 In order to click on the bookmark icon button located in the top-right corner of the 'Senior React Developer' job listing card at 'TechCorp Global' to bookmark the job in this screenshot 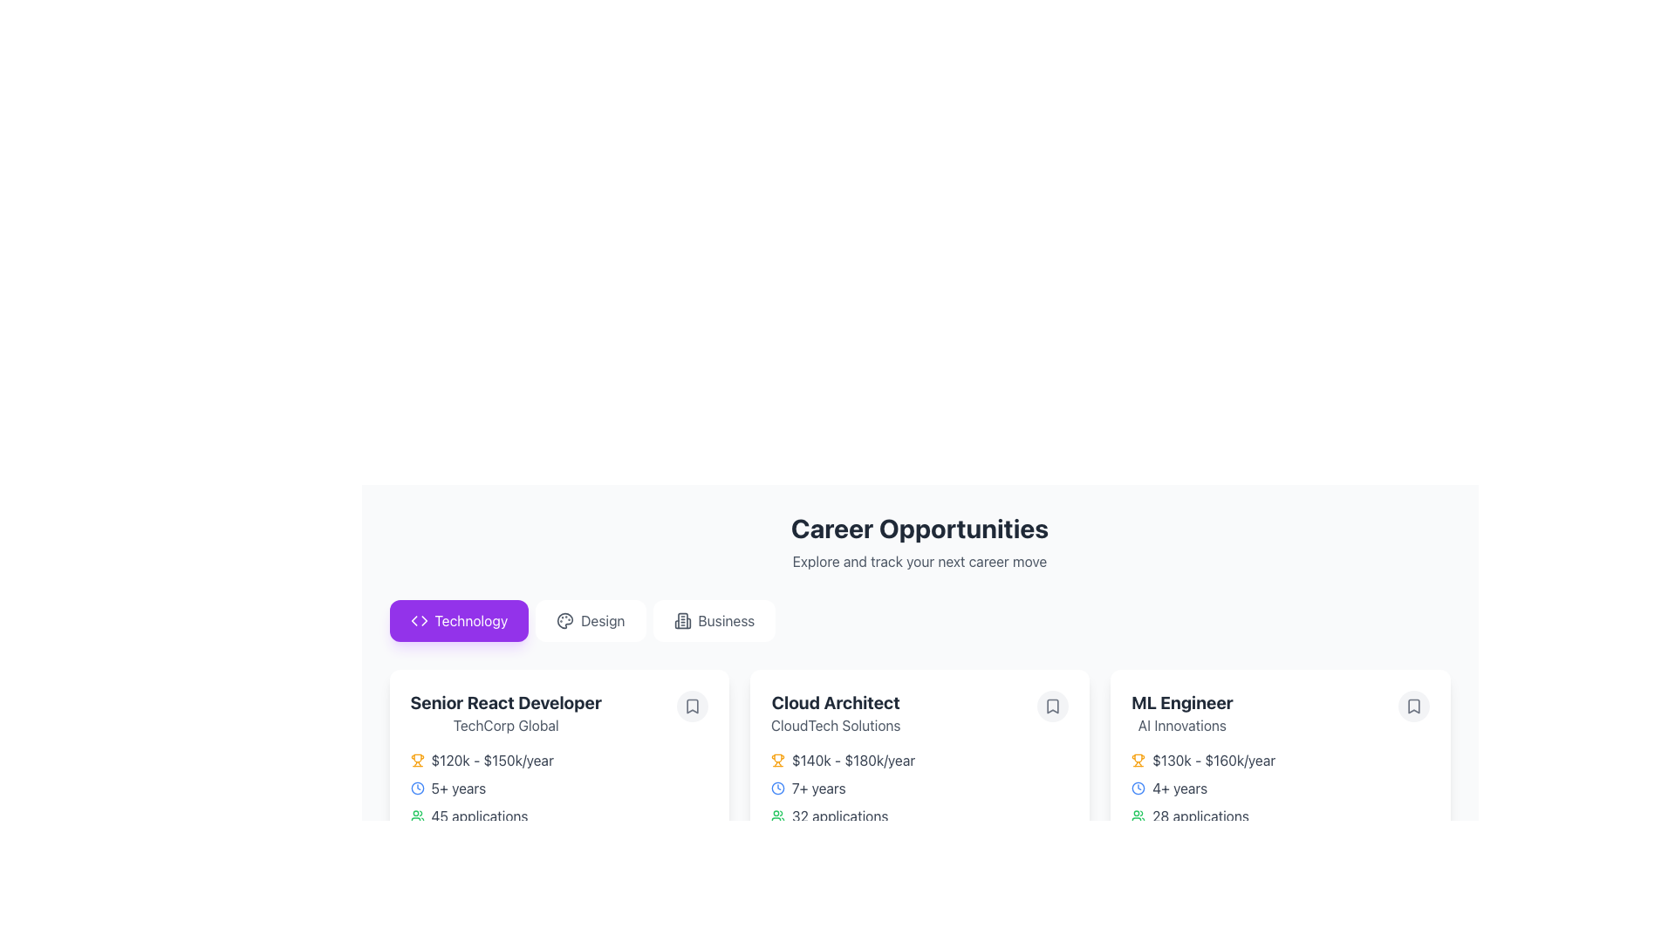, I will do `click(691, 706)`.